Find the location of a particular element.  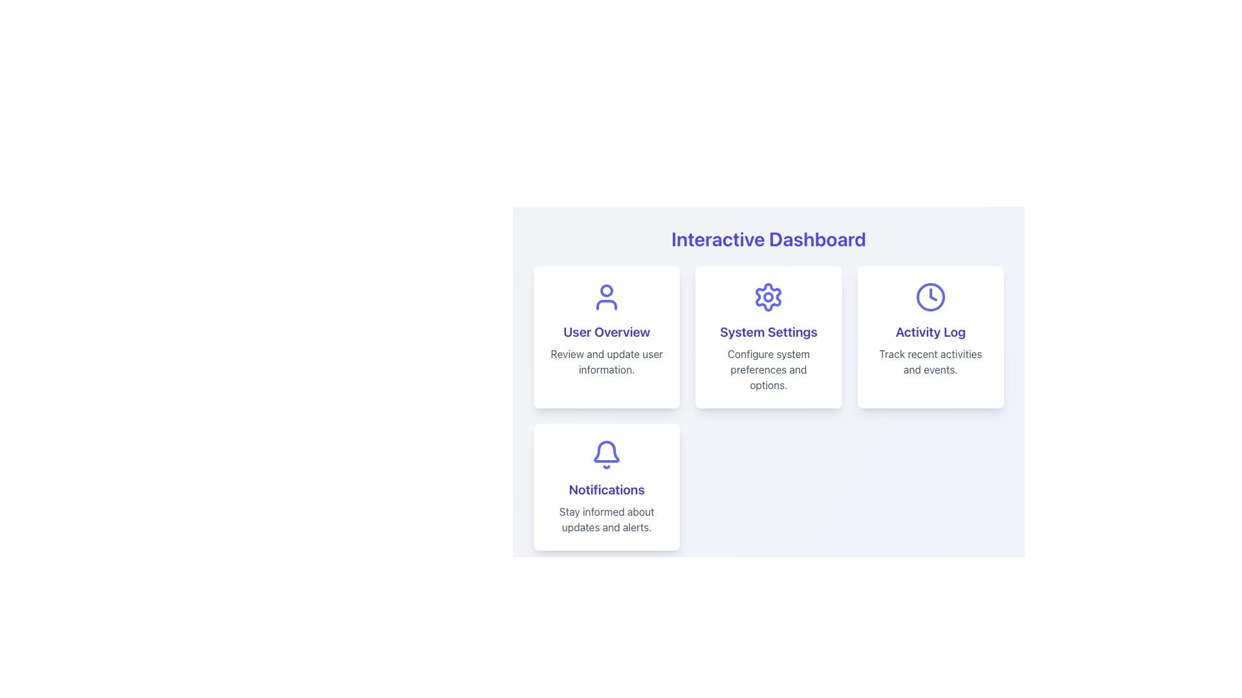

the small circular Decorative SVG Element that forms the head of the user icon within the 'User Overview' card, located at the top portion of the card is located at coordinates (606, 291).